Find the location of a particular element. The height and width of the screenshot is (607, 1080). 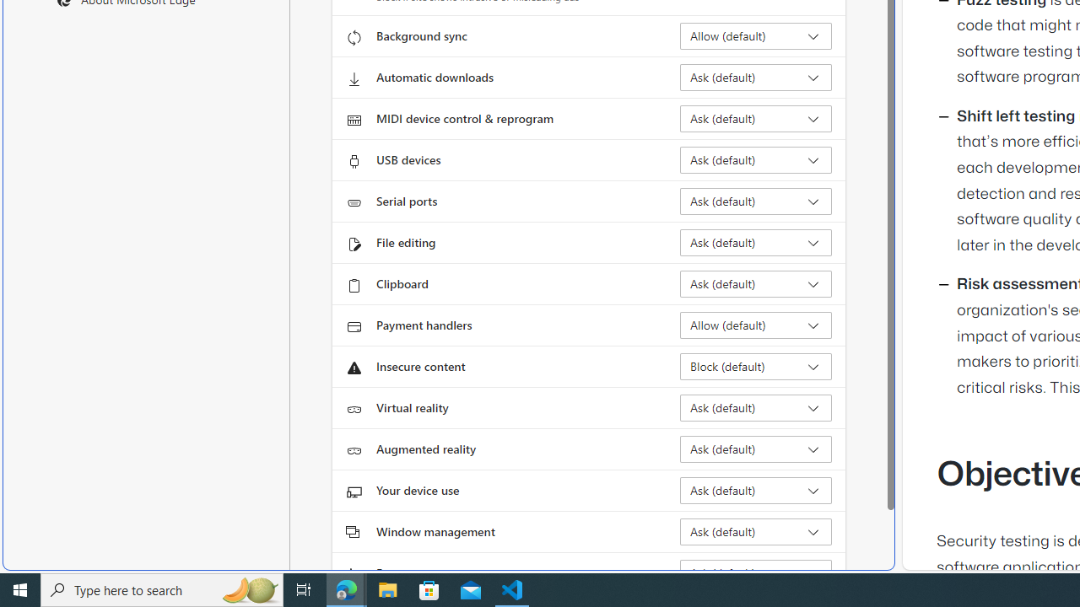

'Augmented reality Ask (default)' is located at coordinates (755, 448).